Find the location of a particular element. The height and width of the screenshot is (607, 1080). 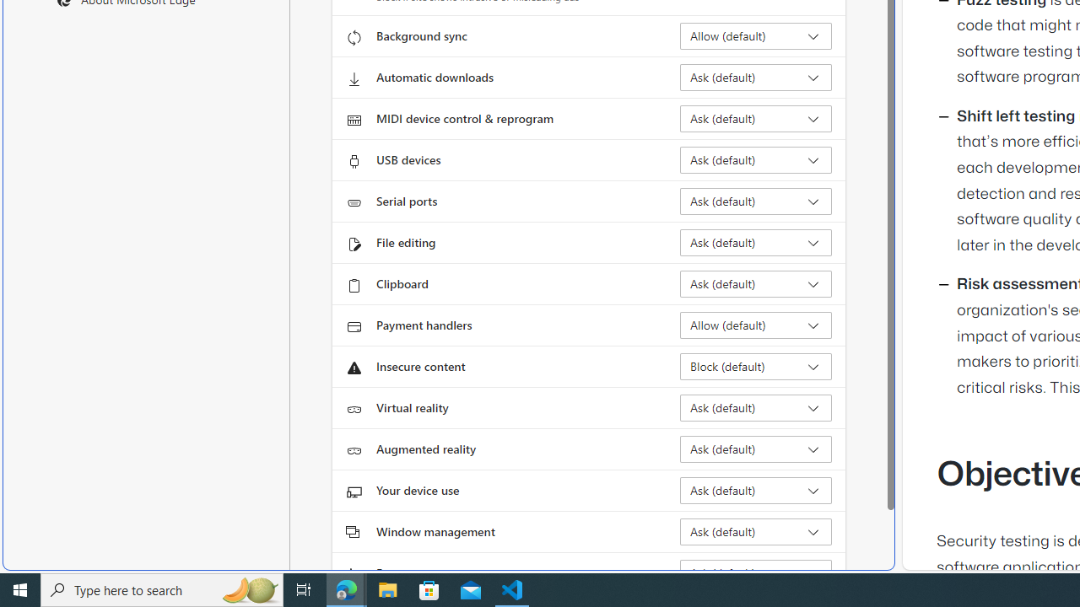

'Augmented reality Ask (default)' is located at coordinates (755, 448).